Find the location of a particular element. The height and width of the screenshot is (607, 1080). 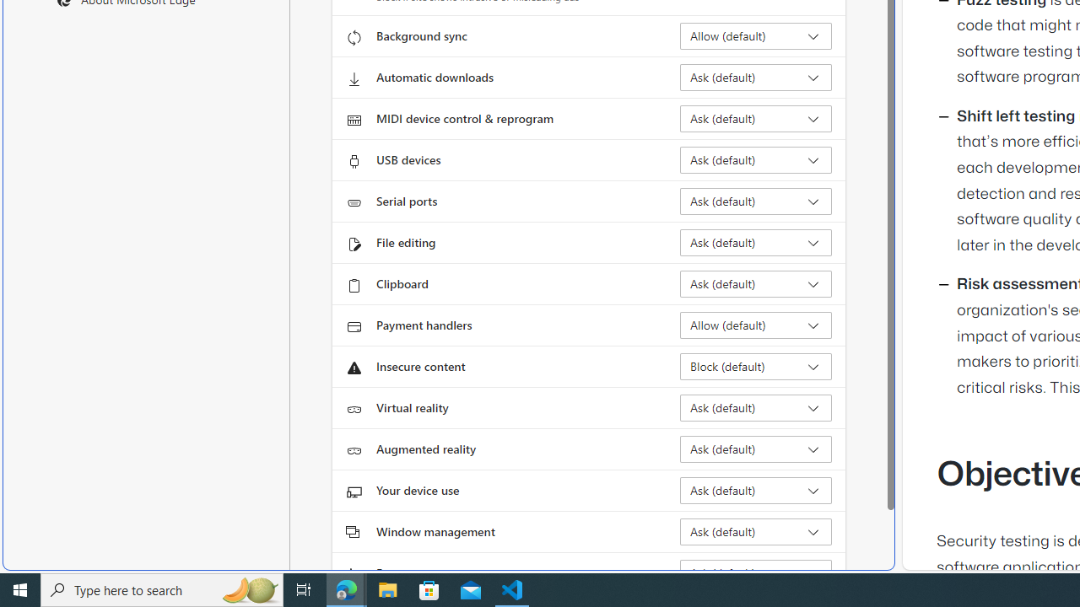

'Augmented reality Ask (default)' is located at coordinates (755, 448).